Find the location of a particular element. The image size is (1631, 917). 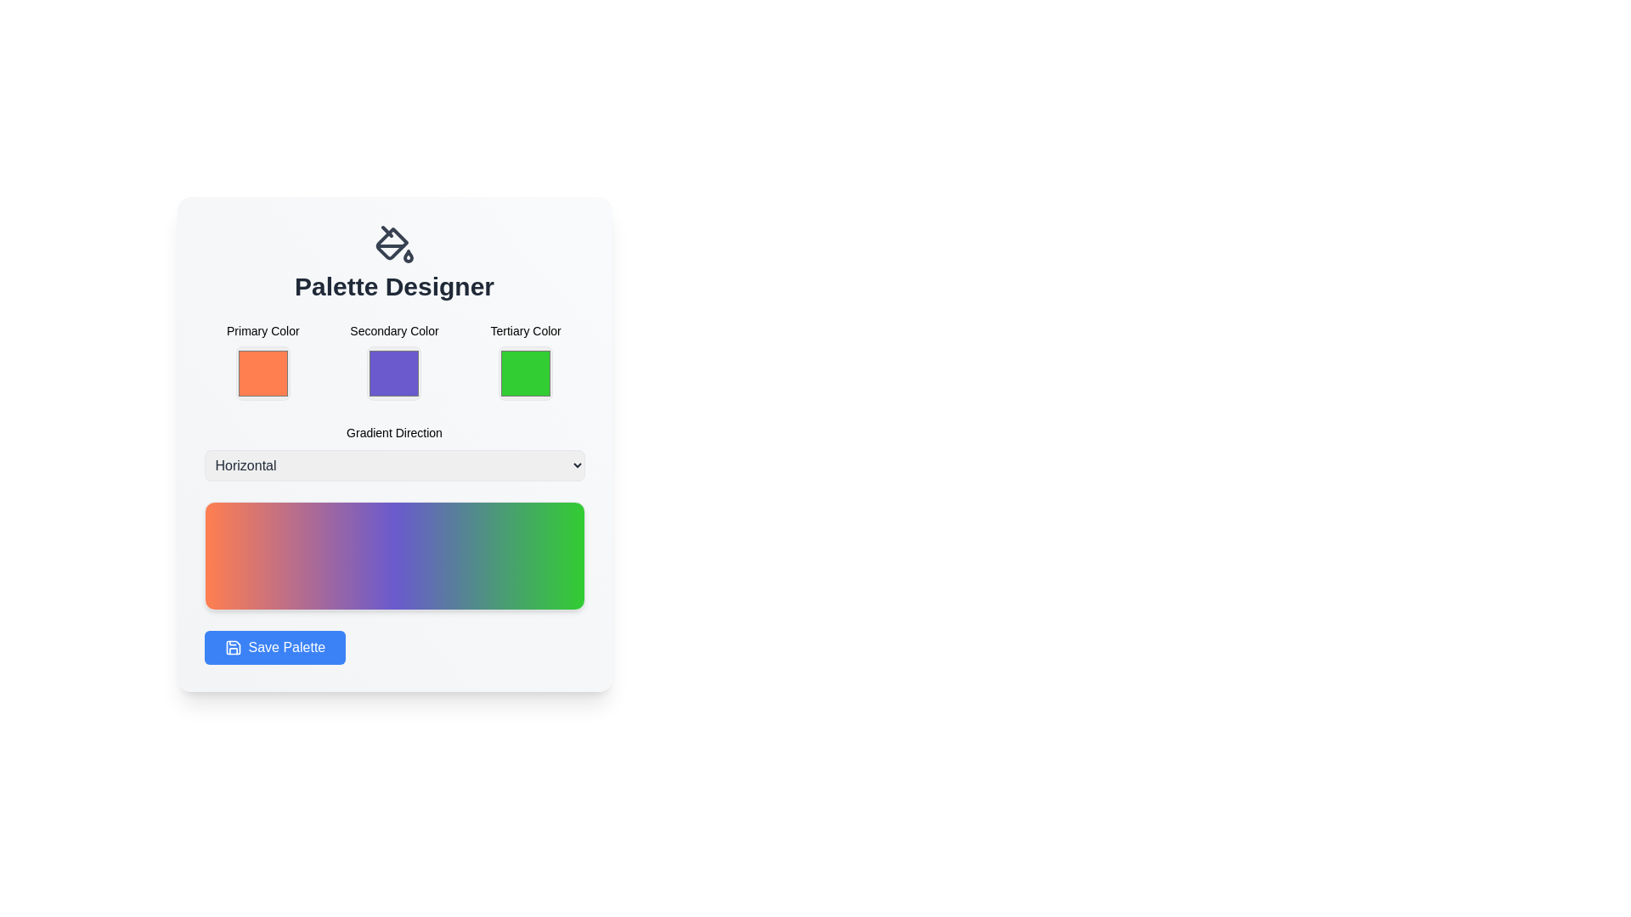

the save icon, which is an outlined drawing of a floppy disk located inside the 'Save Palette' button at the bottom-center of the interface is located at coordinates (232, 648).